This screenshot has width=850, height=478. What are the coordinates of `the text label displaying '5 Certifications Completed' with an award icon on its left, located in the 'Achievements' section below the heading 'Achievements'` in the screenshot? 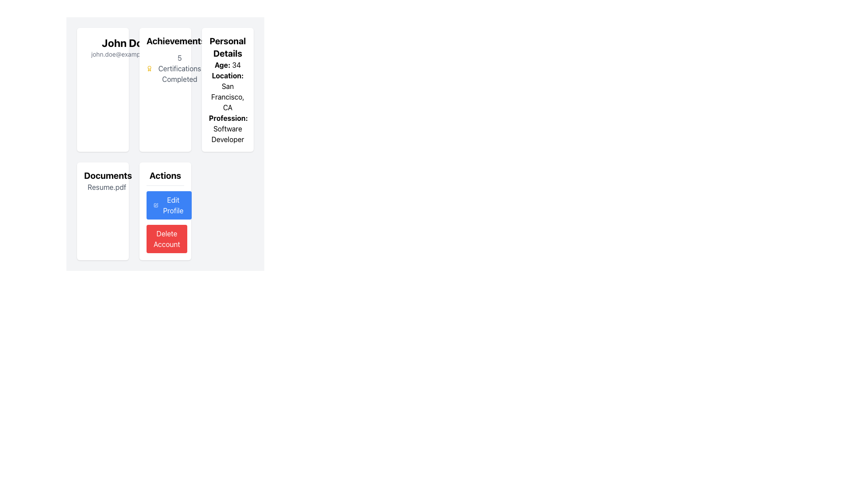 It's located at (175, 68).